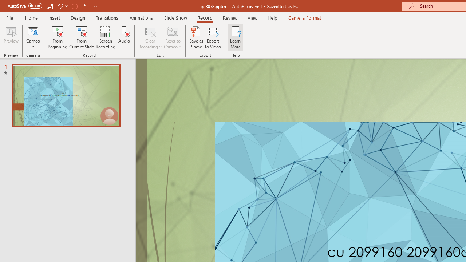 The width and height of the screenshot is (466, 262). What do you see at coordinates (57, 37) in the screenshot?
I see `'From Beginning...'` at bounding box center [57, 37].